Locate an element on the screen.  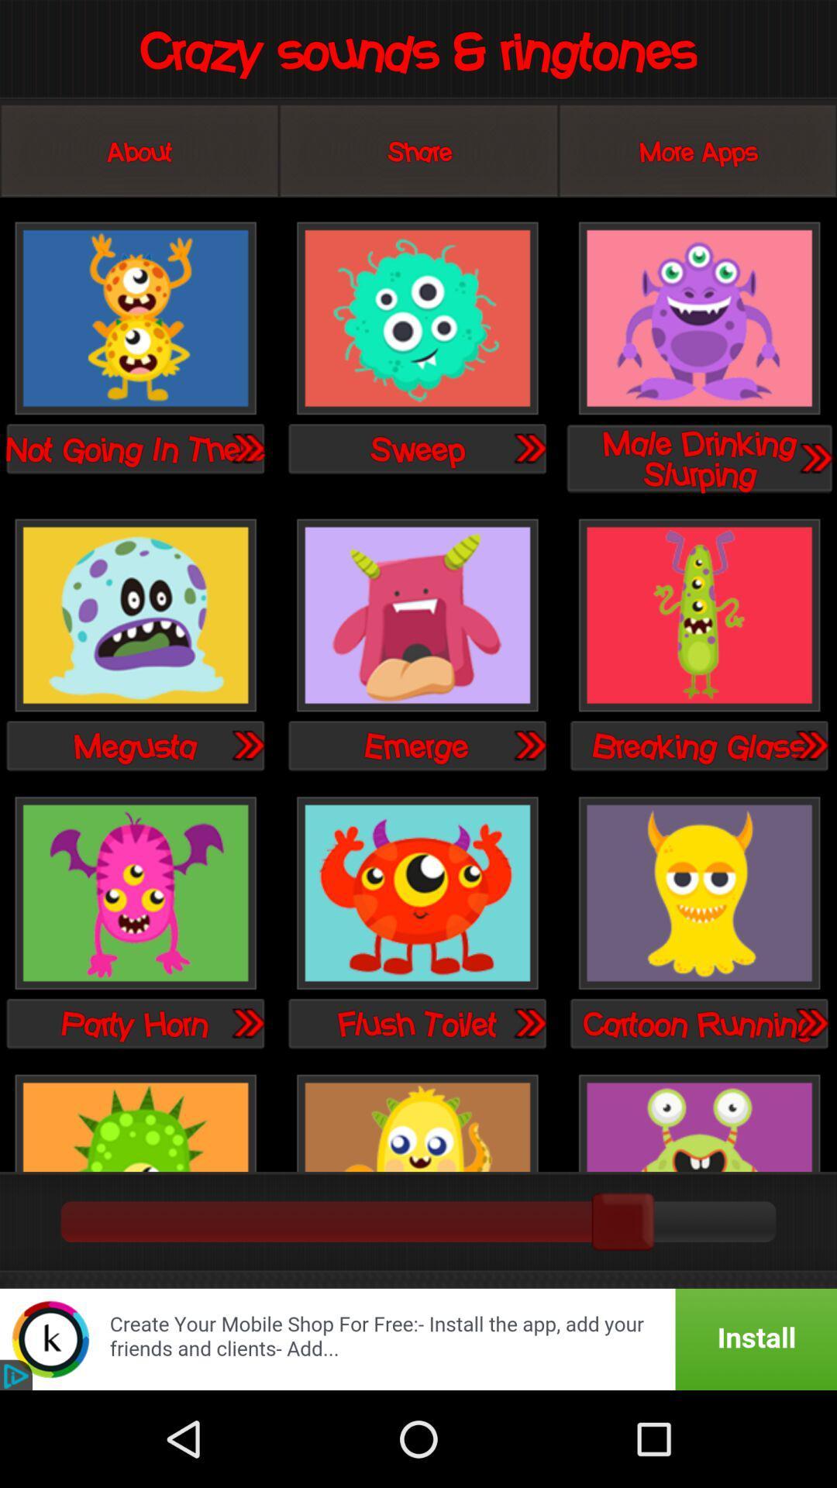
a noise is located at coordinates (699, 1121).